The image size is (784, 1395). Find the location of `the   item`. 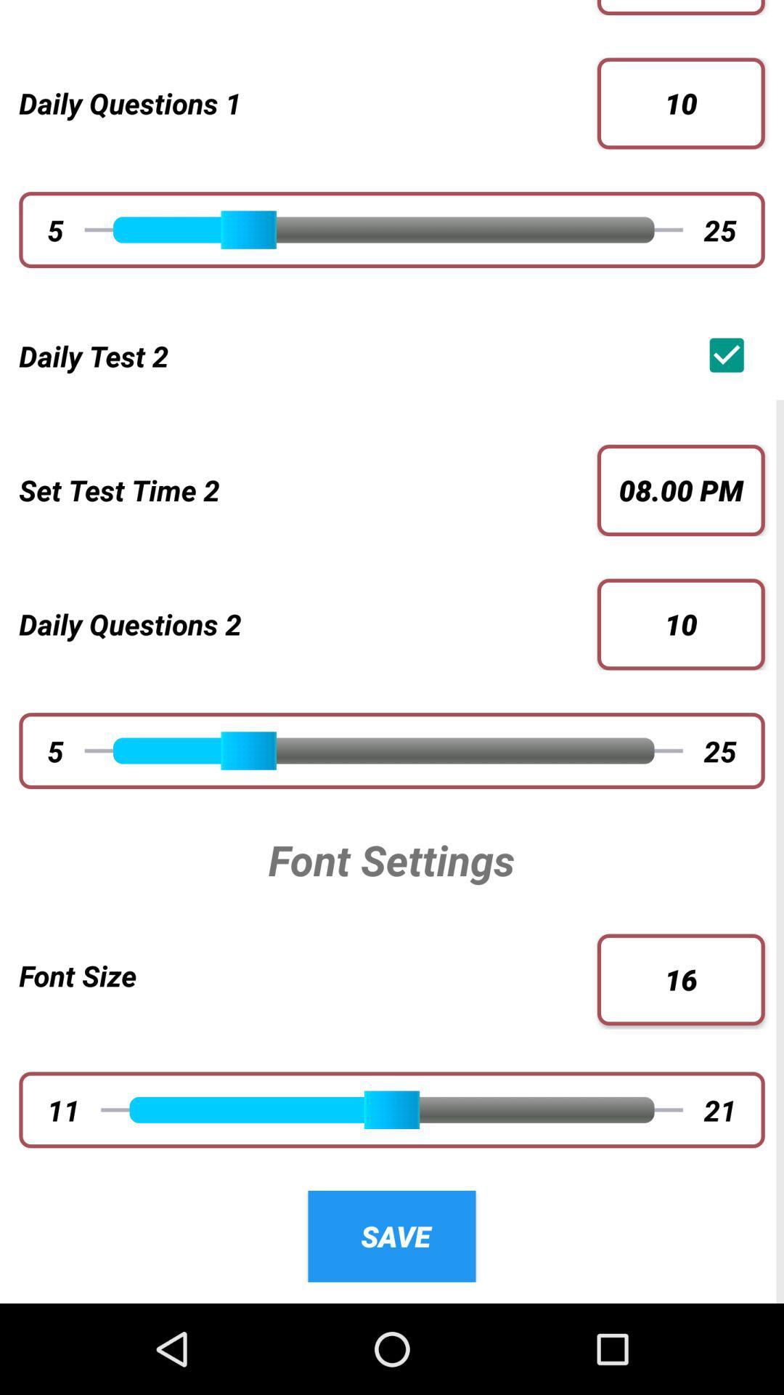

the   item is located at coordinates (730, 355).